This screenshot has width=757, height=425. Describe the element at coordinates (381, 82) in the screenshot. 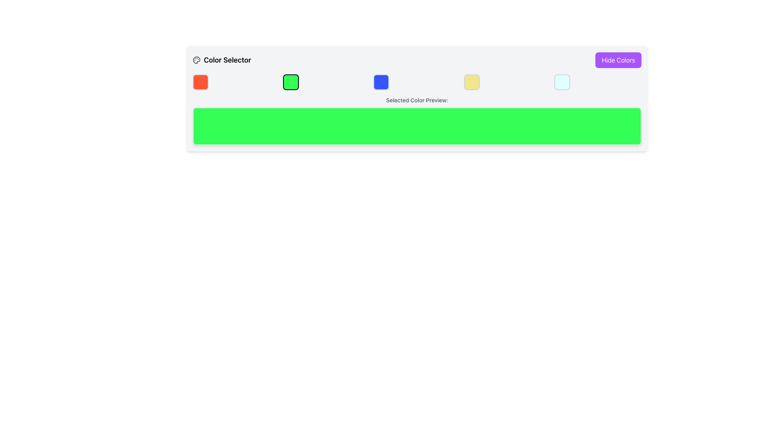

I see `the third square-shaped interactive visual element, which serves as a color selector or indicator for blue color` at that location.